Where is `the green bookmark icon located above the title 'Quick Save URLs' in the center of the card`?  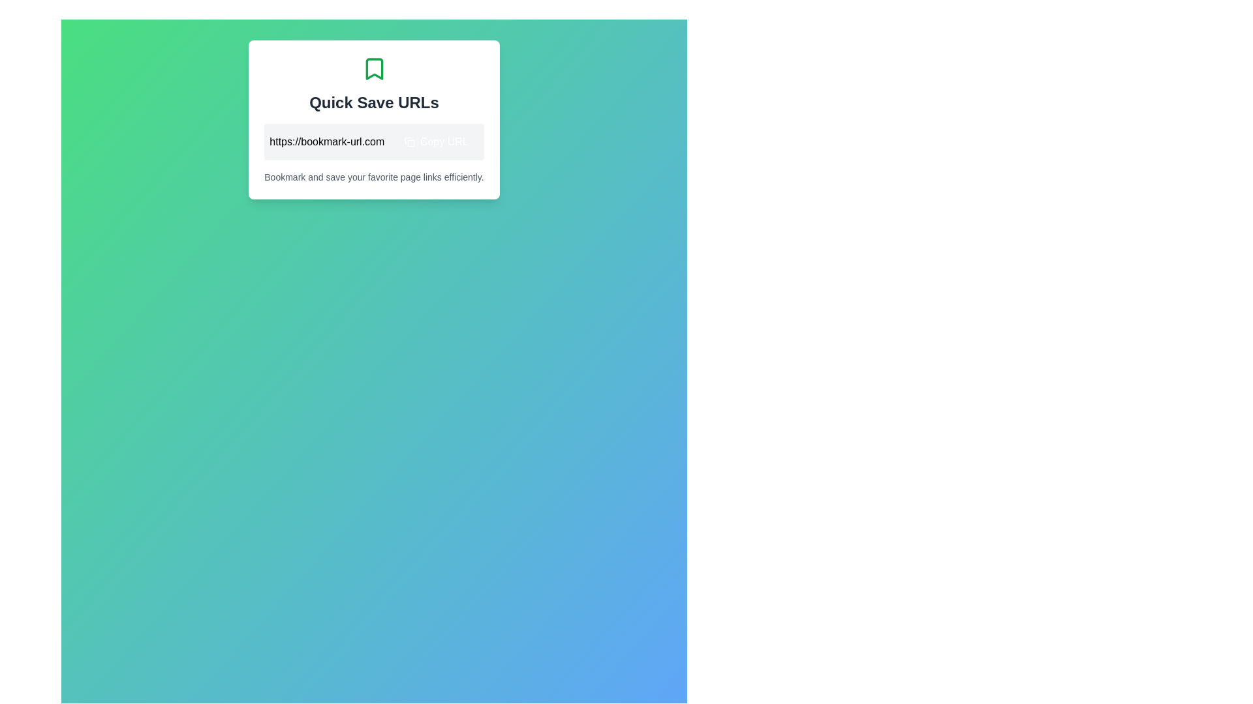 the green bookmark icon located above the title 'Quick Save URLs' in the center of the card is located at coordinates (373, 68).